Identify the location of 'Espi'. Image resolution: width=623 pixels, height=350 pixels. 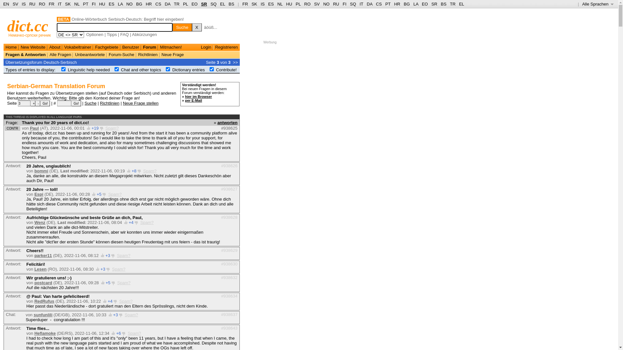
(38, 194).